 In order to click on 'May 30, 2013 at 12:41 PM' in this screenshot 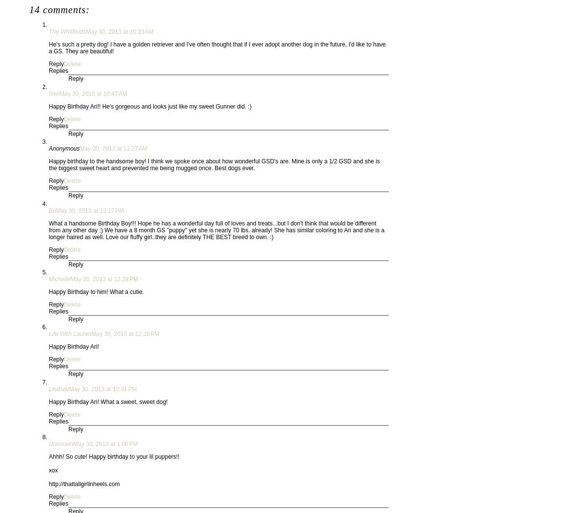, I will do `click(68, 389)`.